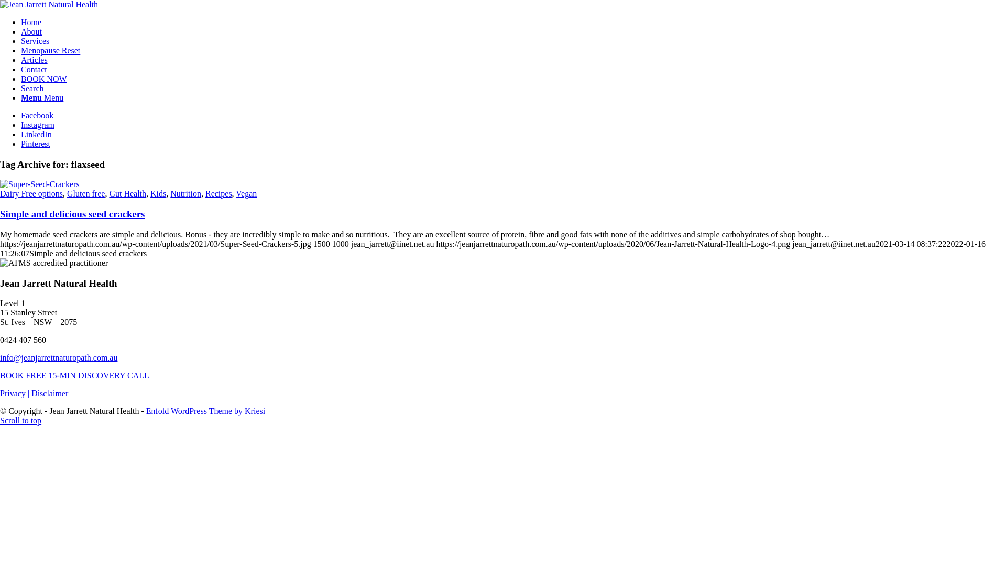  What do you see at coordinates (32, 88) in the screenshot?
I see `'Search'` at bounding box center [32, 88].